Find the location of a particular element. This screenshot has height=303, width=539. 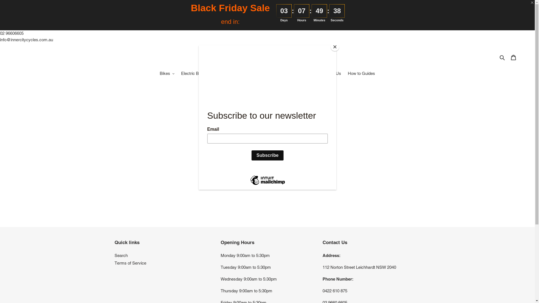

'02 96606605' is located at coordinates (12, 33).